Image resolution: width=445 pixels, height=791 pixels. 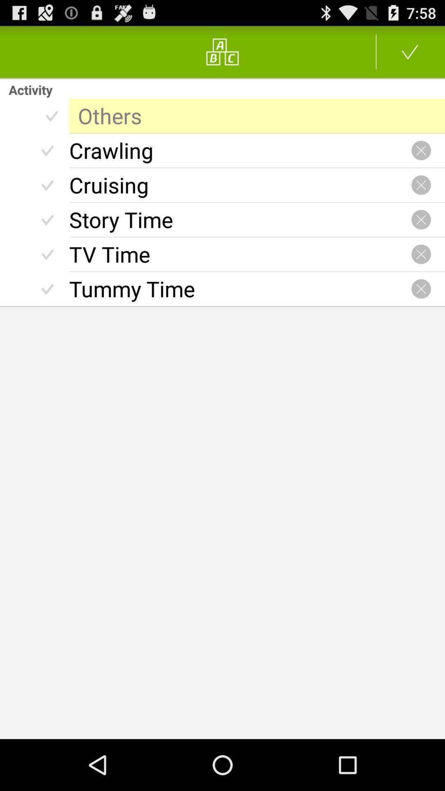 I want to click on other item button, so click(x=410, y=51).